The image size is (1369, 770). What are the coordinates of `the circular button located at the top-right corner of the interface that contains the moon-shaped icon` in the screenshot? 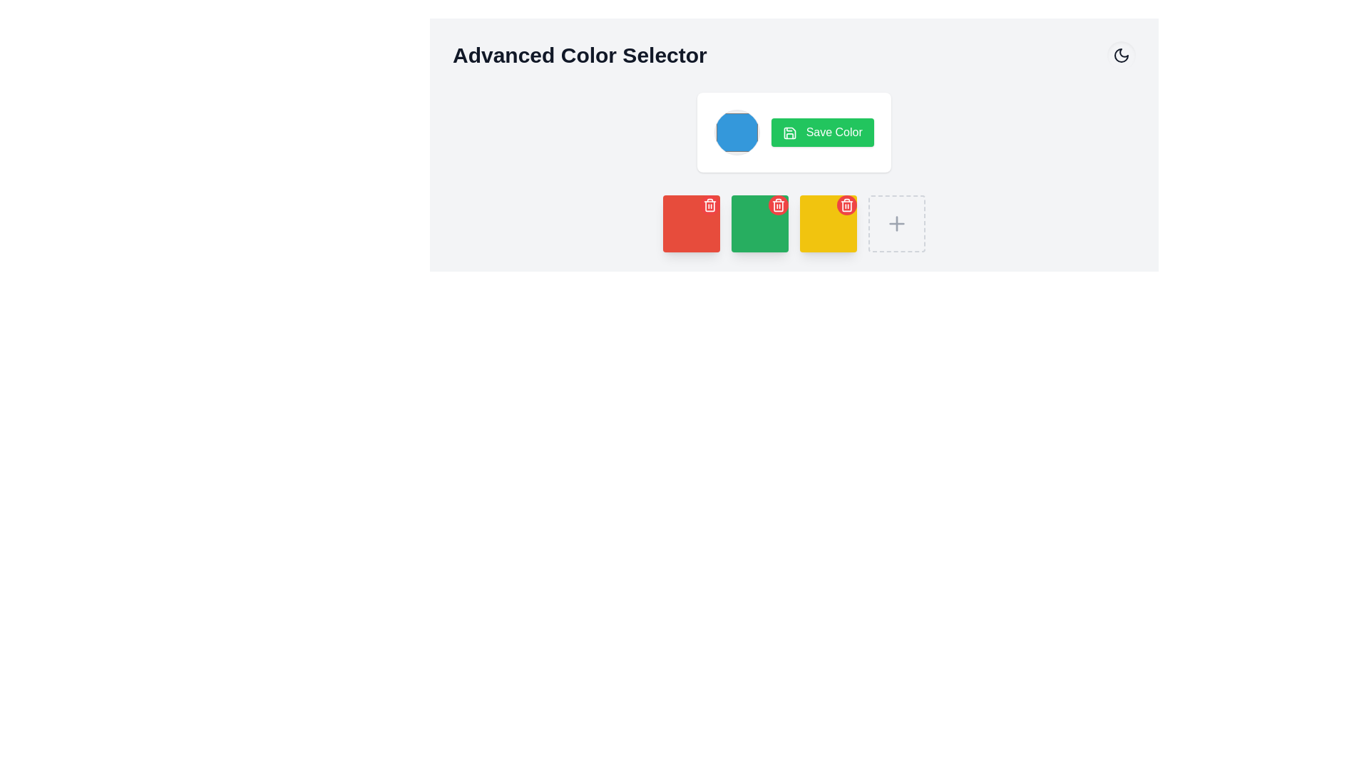 It's located at (1121, 54).